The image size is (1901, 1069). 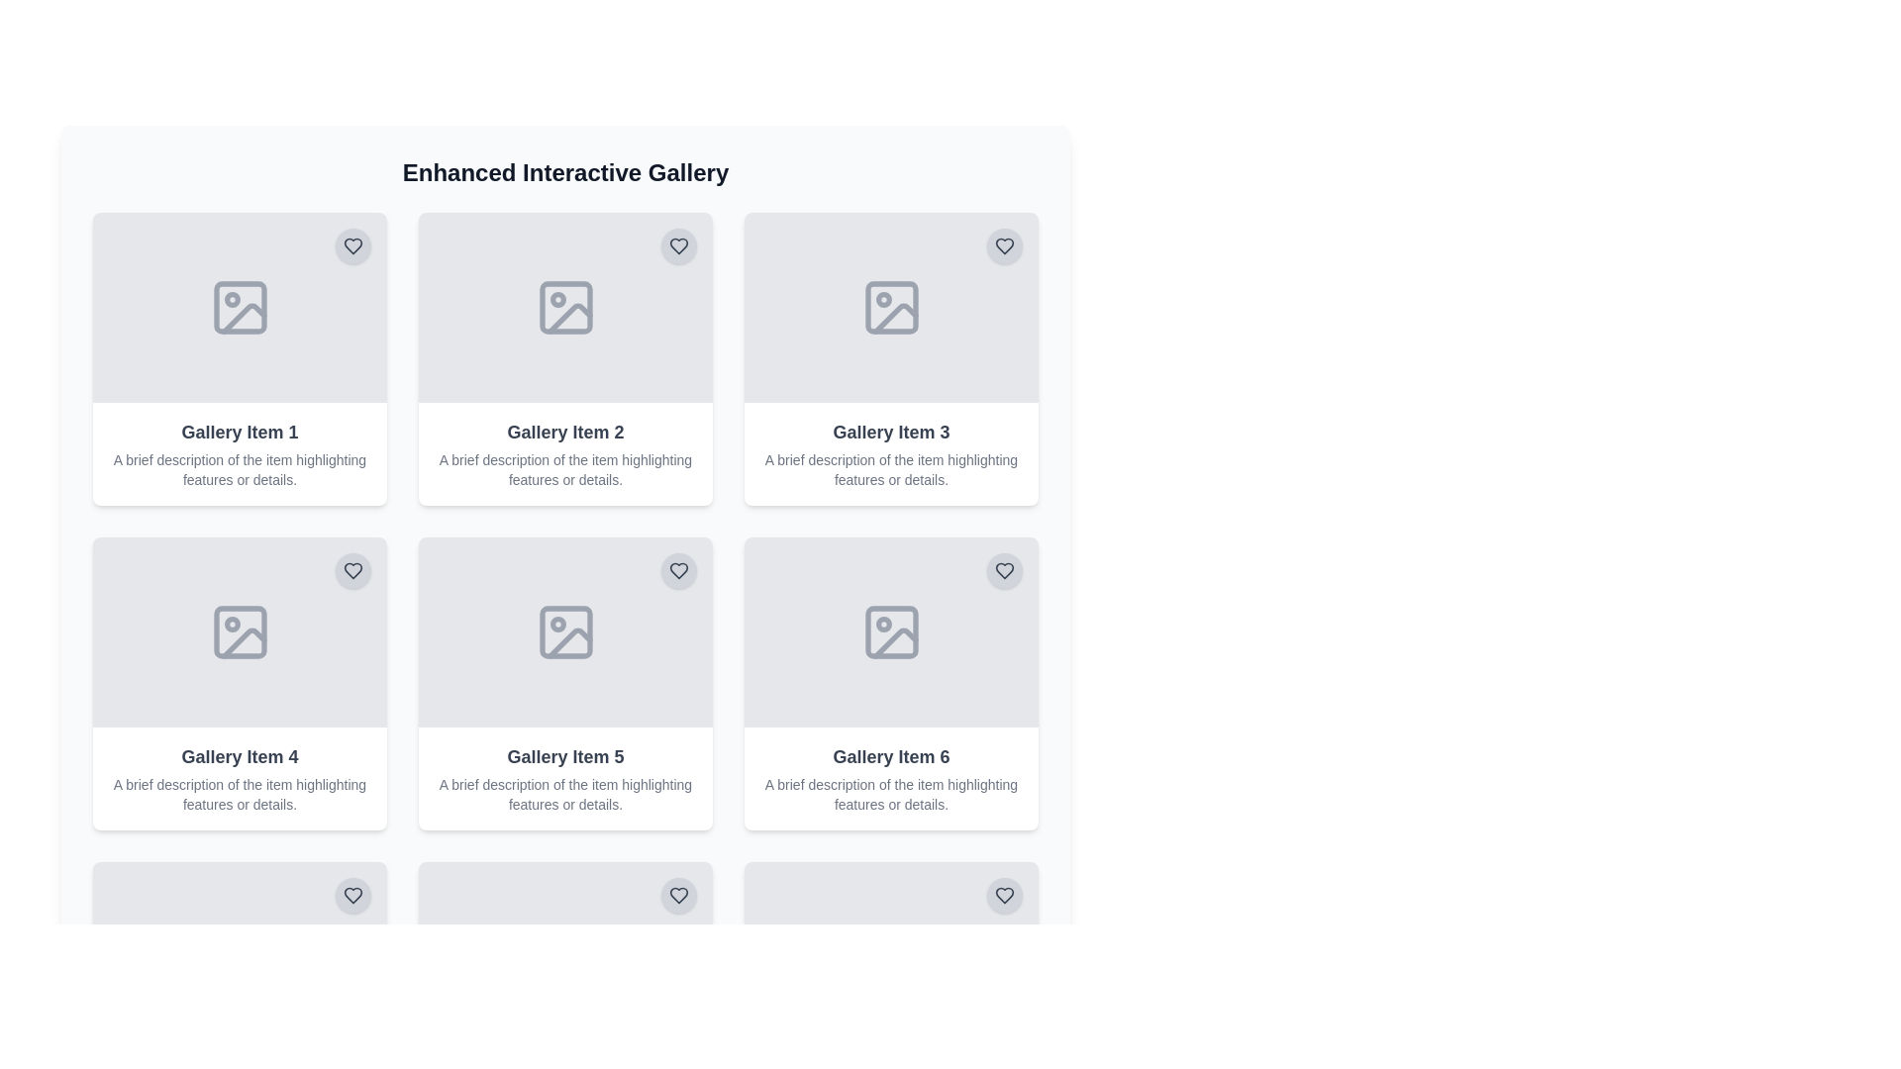 I want to click on the text element labeled 'Gallery Item 4', which is styled with a large bold font and is located in the second row and first column of the gallery grid, so click(x=239, y=756).